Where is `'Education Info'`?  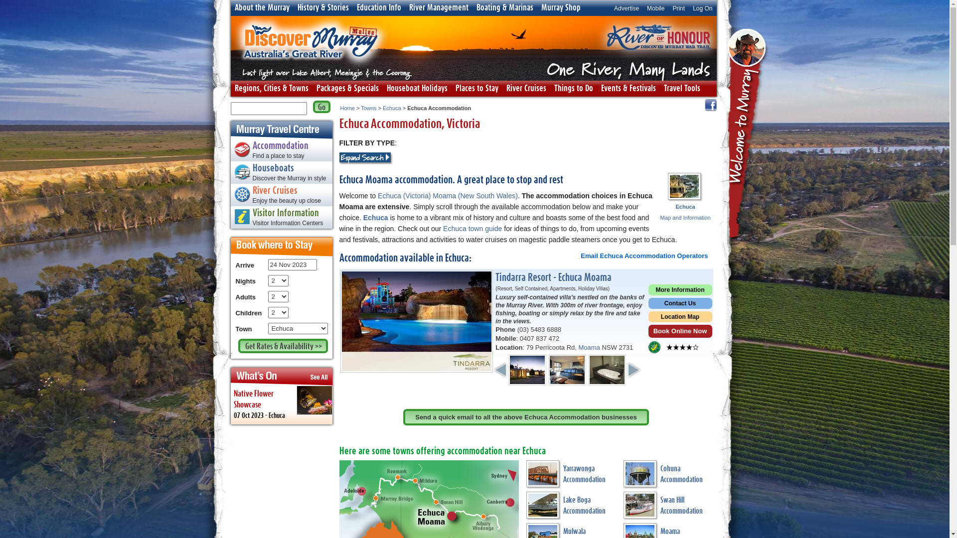
'Education Info' is located at coordinates (378, 7).